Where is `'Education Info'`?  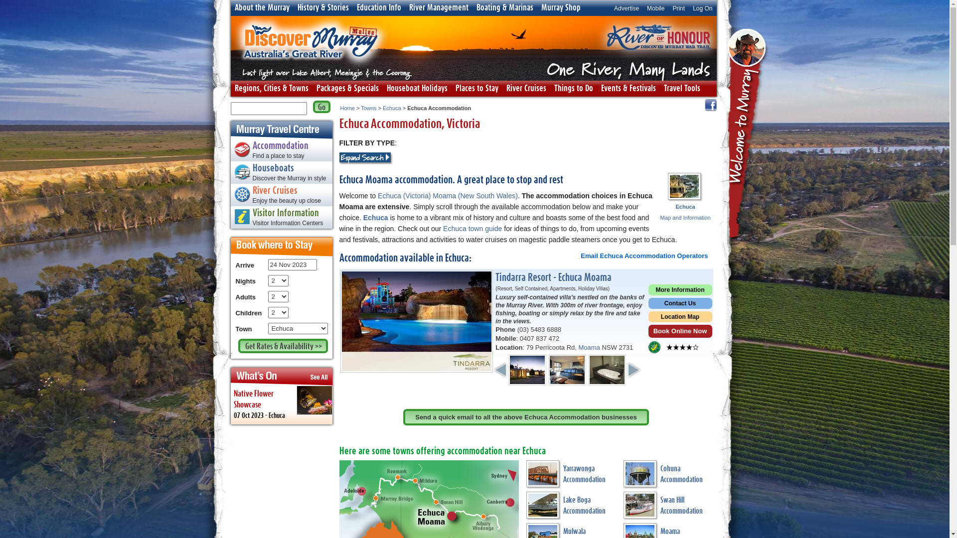
'Education Info' is located at coordinates (378, 7).